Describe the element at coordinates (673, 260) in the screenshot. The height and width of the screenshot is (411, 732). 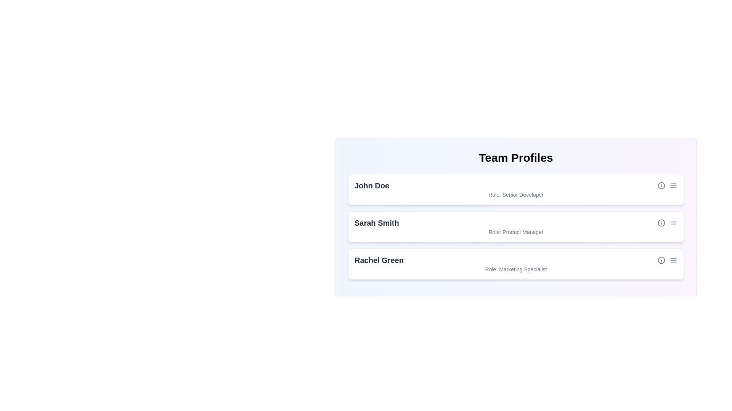
I see `the menu or options toggle icon button located at the right end of Rachel Green's profile section` at that location.